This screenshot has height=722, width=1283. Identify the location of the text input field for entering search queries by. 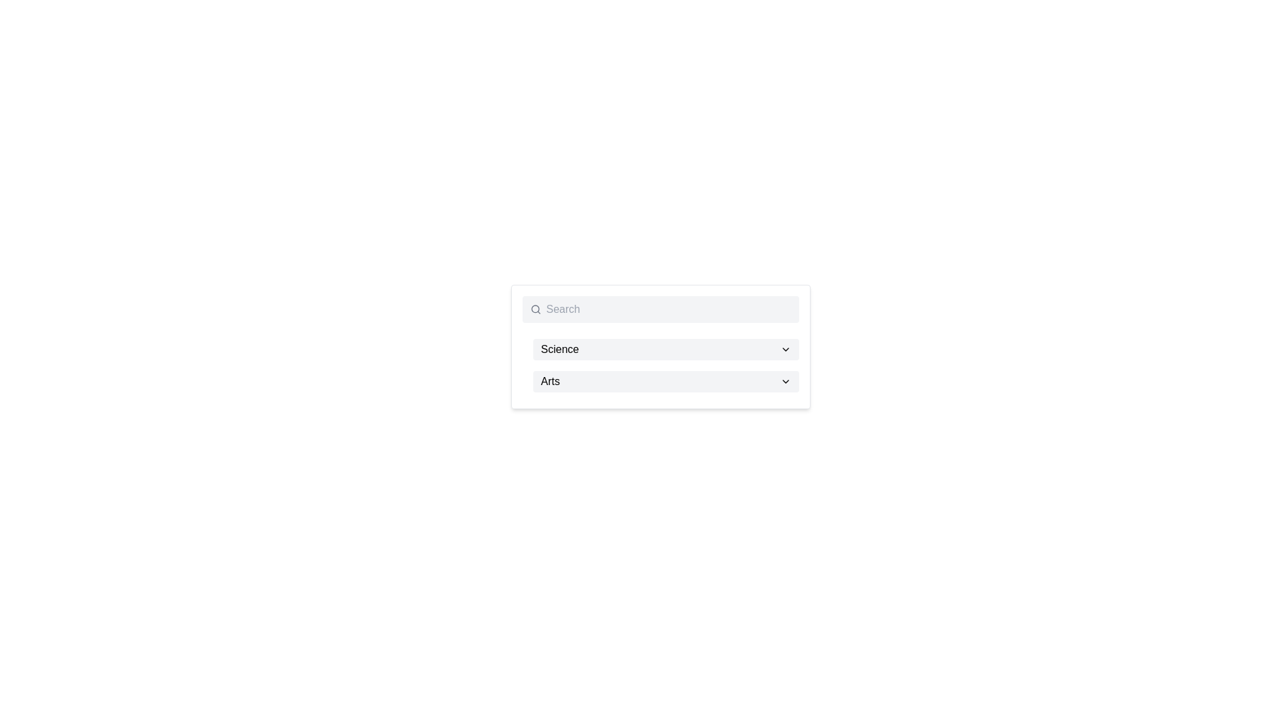
(668, 309).